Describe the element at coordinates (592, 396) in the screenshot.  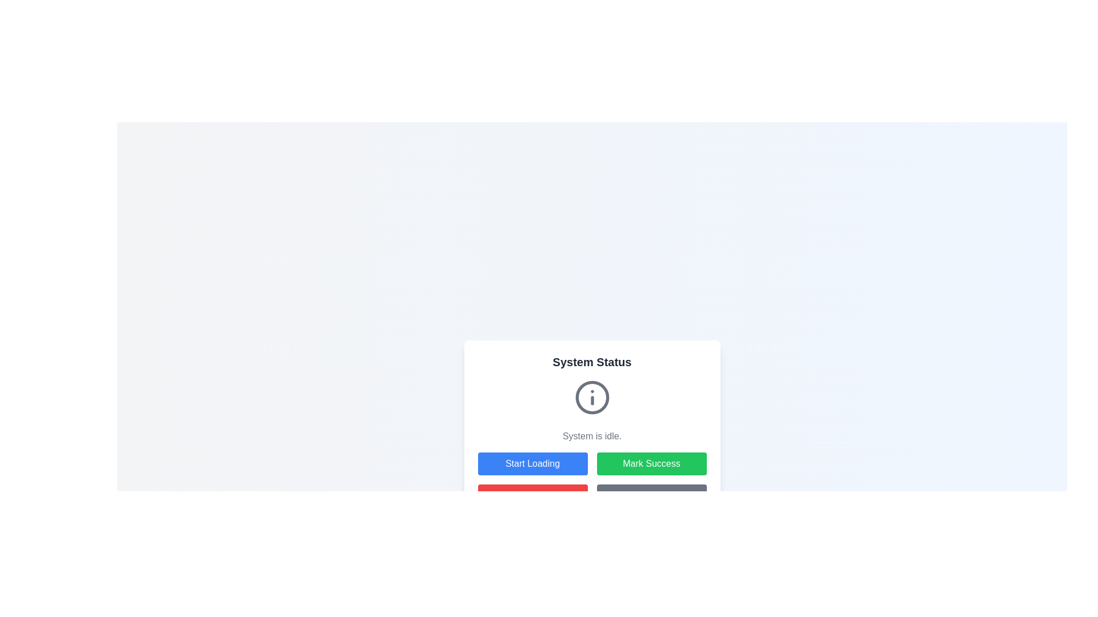
I see `the centrally located icon within the 'System Status' card to identify the information it represents` at that location.